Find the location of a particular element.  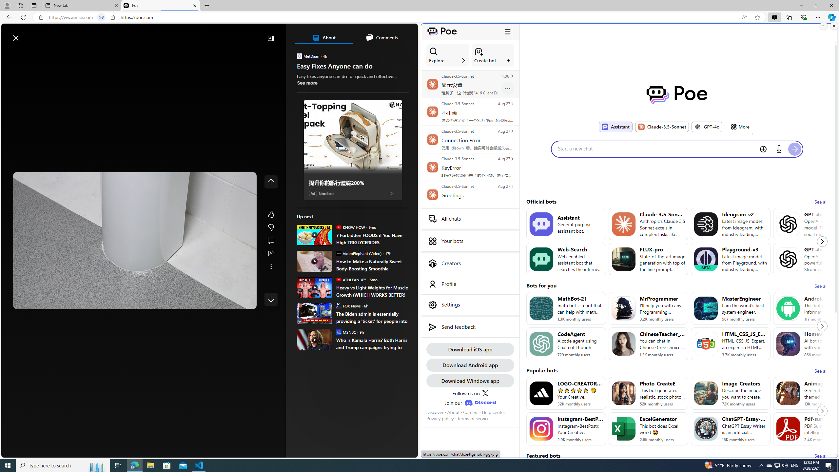

'Bot image for Homeworkbot679' is located at coordinates (788, 344).